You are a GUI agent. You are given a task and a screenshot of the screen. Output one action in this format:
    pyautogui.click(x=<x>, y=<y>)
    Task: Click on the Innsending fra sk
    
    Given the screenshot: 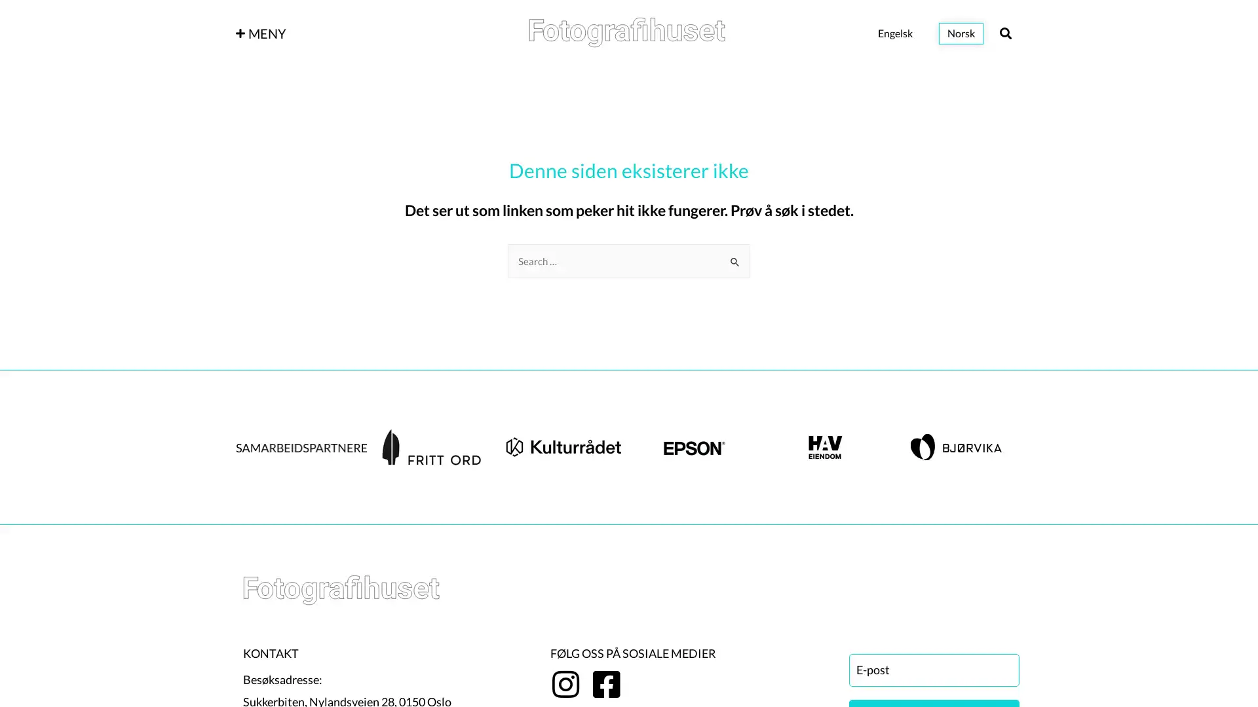 What is the action you would take?
    pyautogui.click(x=735, y=261)
    